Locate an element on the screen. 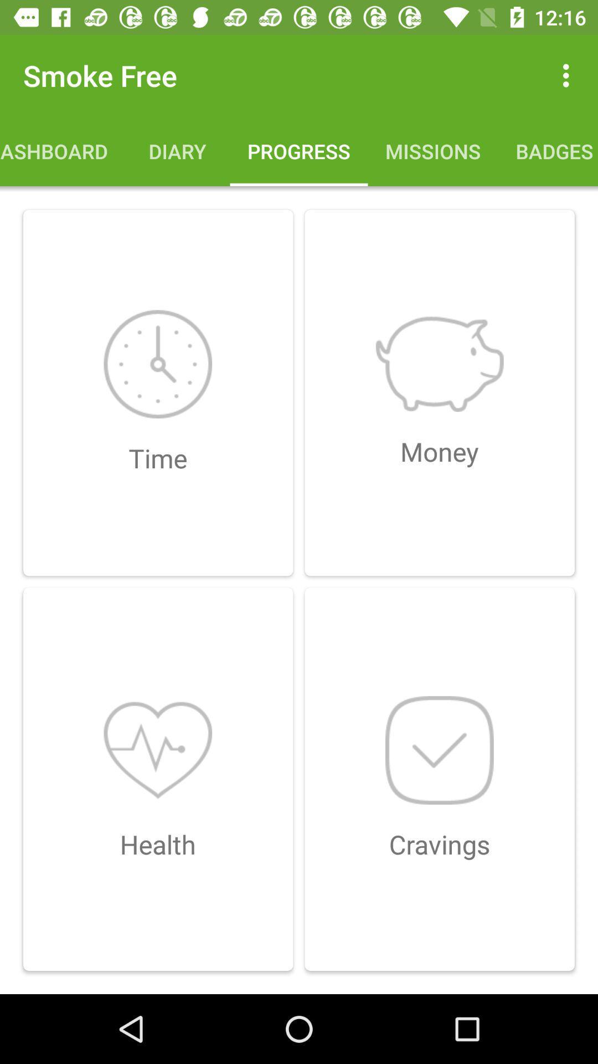 The width and height of the screenshot is (598, 1064). icon to the right of smoke free is located at coordinates (569, 75).